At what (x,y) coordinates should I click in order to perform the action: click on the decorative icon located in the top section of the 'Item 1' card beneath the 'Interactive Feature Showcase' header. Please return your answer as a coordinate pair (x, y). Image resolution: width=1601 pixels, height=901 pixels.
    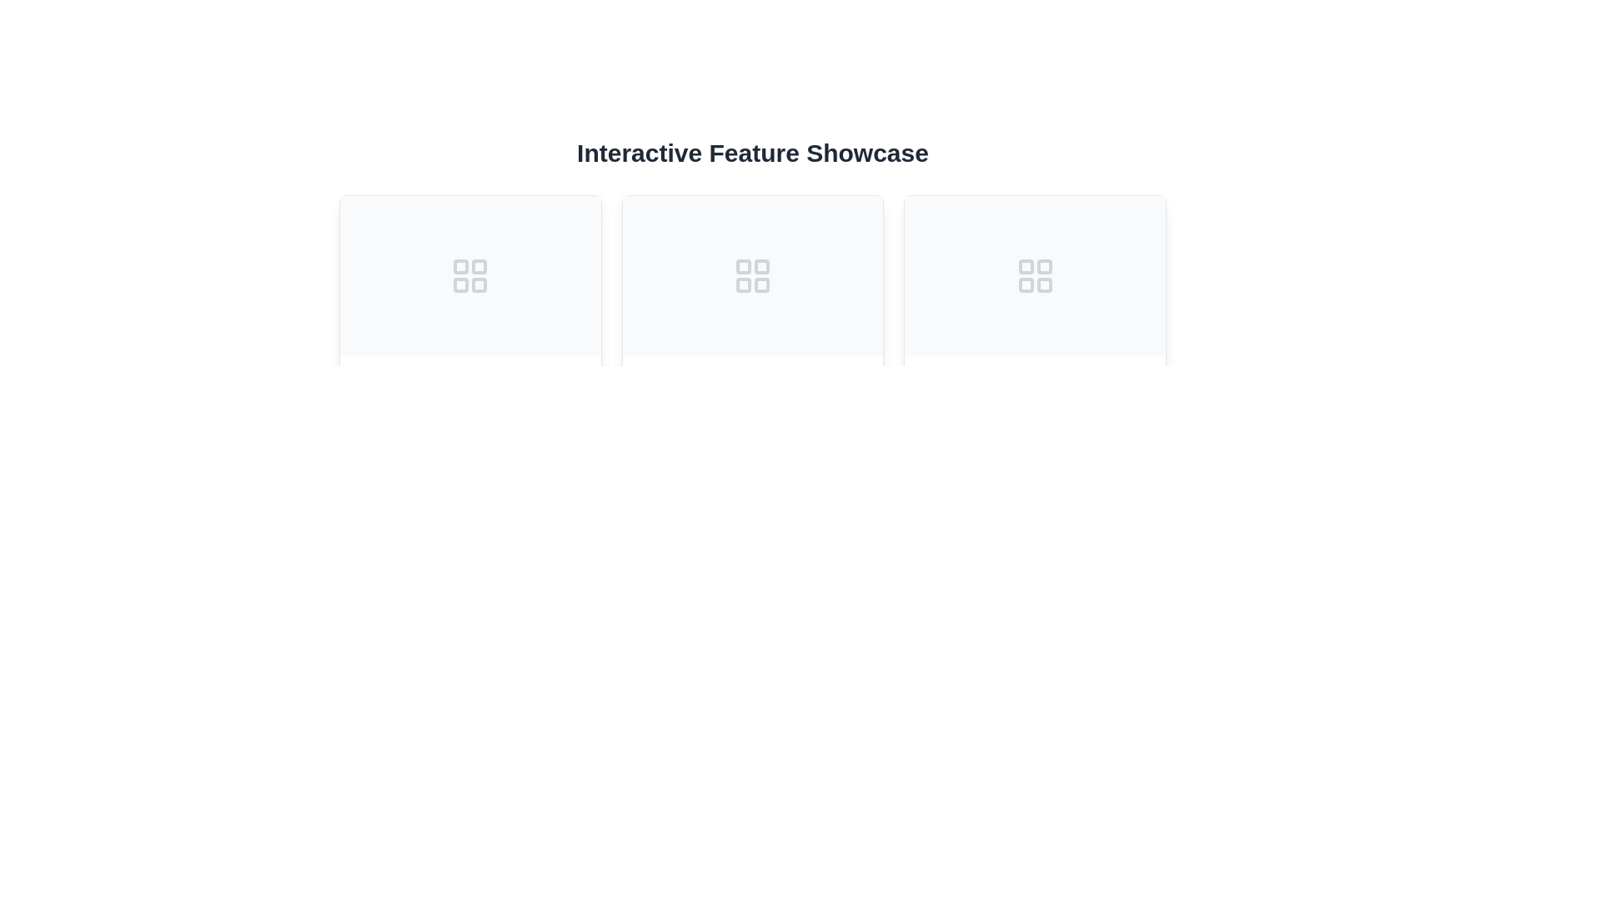
    Looking at the image, I should click on (469, 275).